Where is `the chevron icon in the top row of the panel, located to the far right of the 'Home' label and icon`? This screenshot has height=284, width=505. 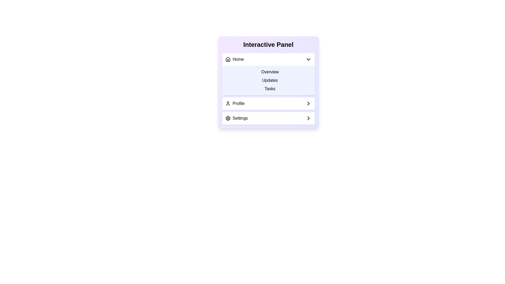
the chevron icon in the top row of the panel, located to the far right of the 'Home' label and icon is located at coordinates (308, 59).